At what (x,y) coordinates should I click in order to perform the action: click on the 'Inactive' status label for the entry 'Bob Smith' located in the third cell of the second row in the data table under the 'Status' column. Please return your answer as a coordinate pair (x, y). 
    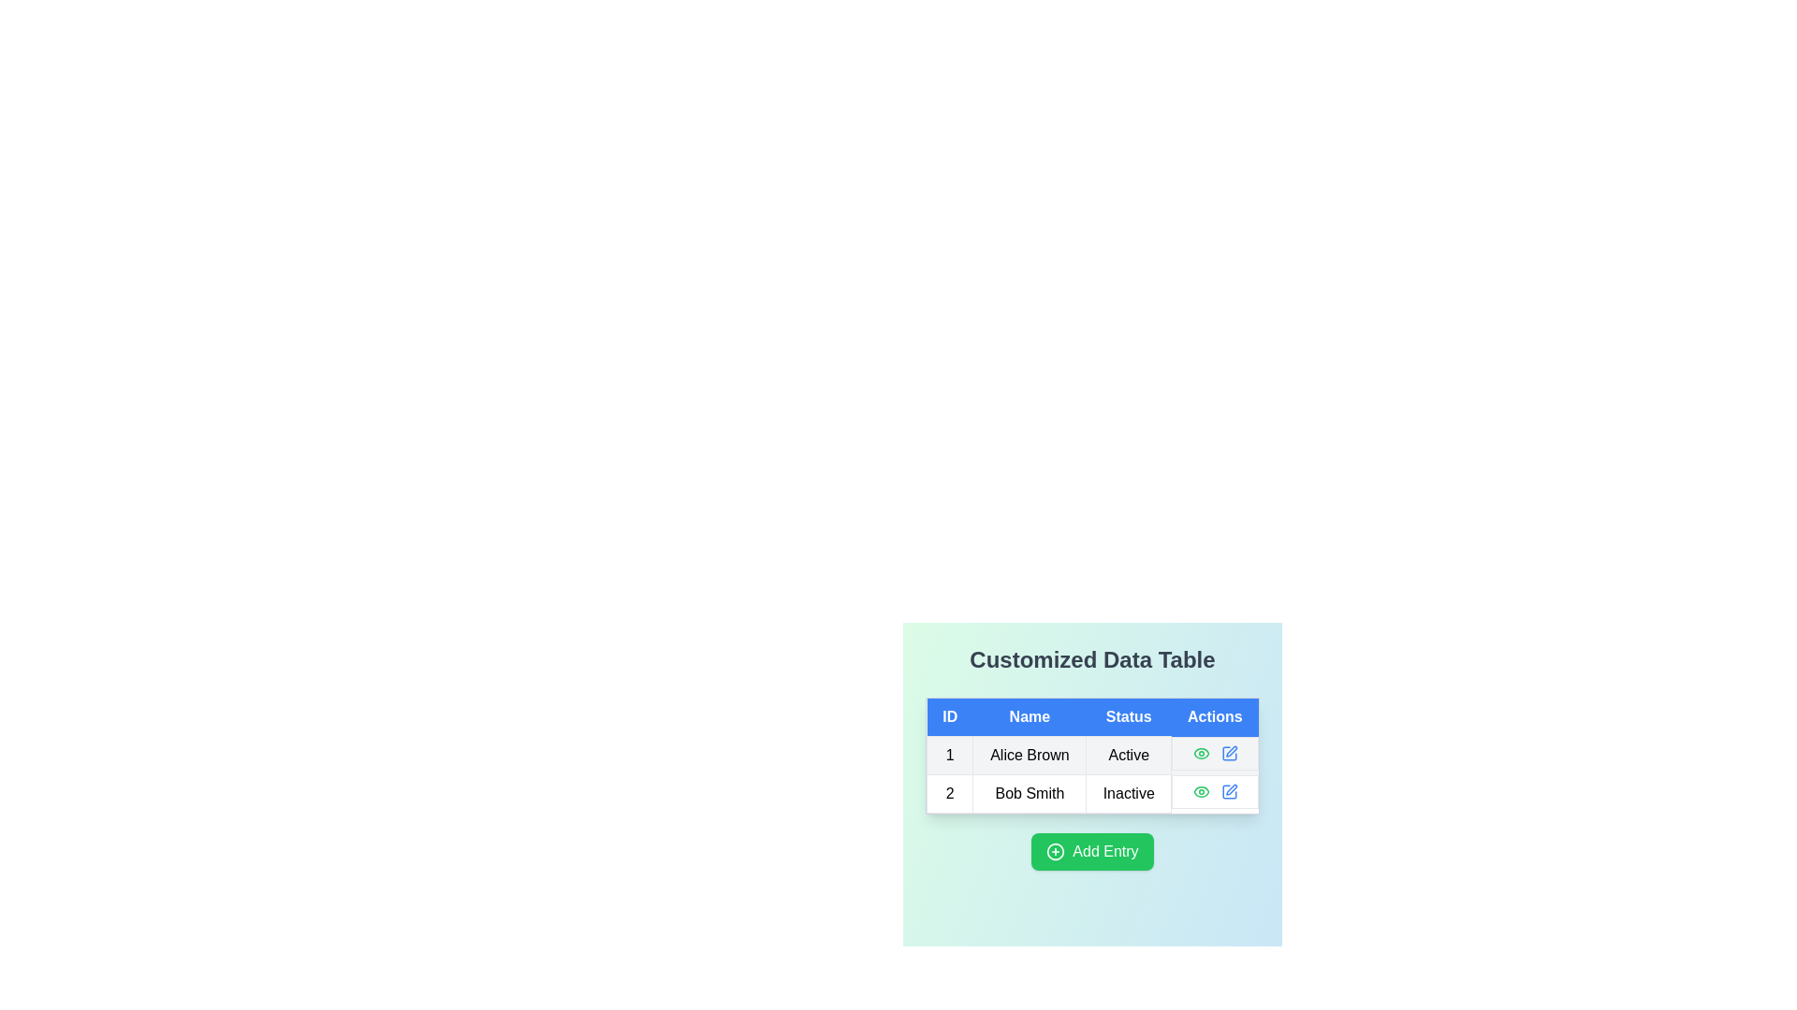
    Looking at the image, I should click on (1128, 793).